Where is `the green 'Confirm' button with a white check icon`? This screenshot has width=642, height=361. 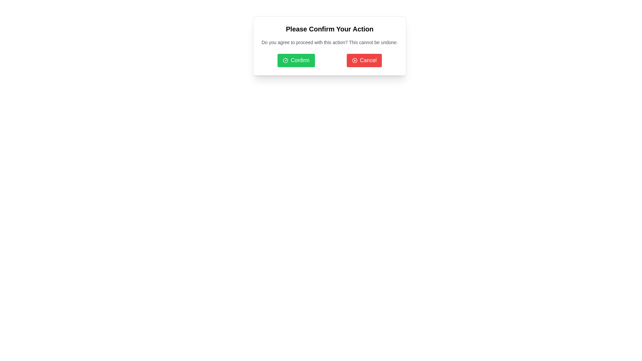 the green 'Confirm' button with a white check icon is located at coordinates (296, 61).